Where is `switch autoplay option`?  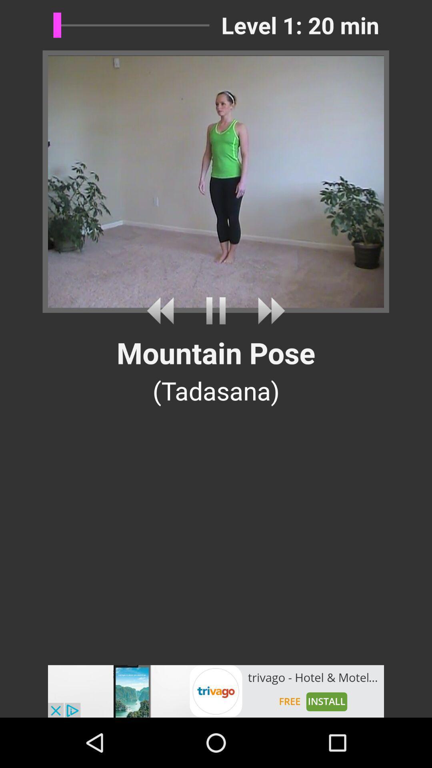 switch autoplay option is located at coordinates (163, 310).